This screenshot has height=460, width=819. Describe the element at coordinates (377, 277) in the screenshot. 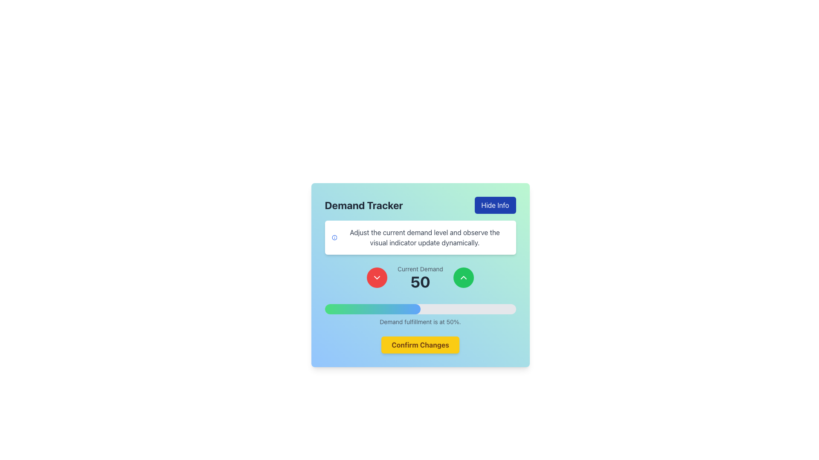

I see `the button located to the left of the 'Current Demand' text, which decreases the value of 'Current Demand'` at that location.